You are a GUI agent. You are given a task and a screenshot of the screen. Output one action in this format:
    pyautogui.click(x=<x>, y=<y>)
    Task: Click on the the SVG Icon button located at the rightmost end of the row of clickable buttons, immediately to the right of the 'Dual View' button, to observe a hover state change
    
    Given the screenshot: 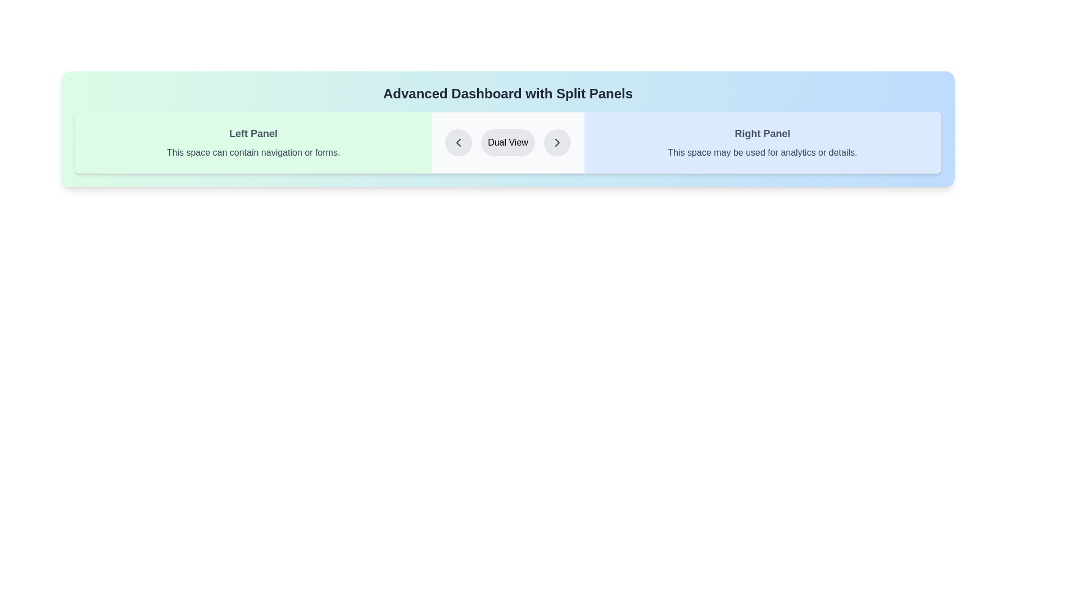 What is the action you would take?
    pyautogui.click(x=557, y=142)
    